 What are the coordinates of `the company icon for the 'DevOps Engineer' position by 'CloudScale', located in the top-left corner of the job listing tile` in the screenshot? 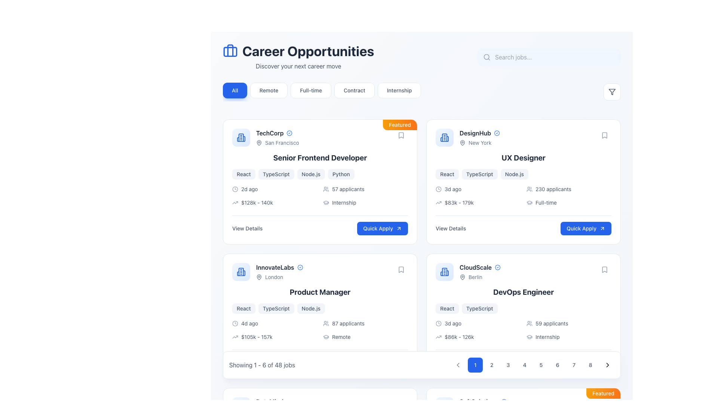 It's located at (445, 272).